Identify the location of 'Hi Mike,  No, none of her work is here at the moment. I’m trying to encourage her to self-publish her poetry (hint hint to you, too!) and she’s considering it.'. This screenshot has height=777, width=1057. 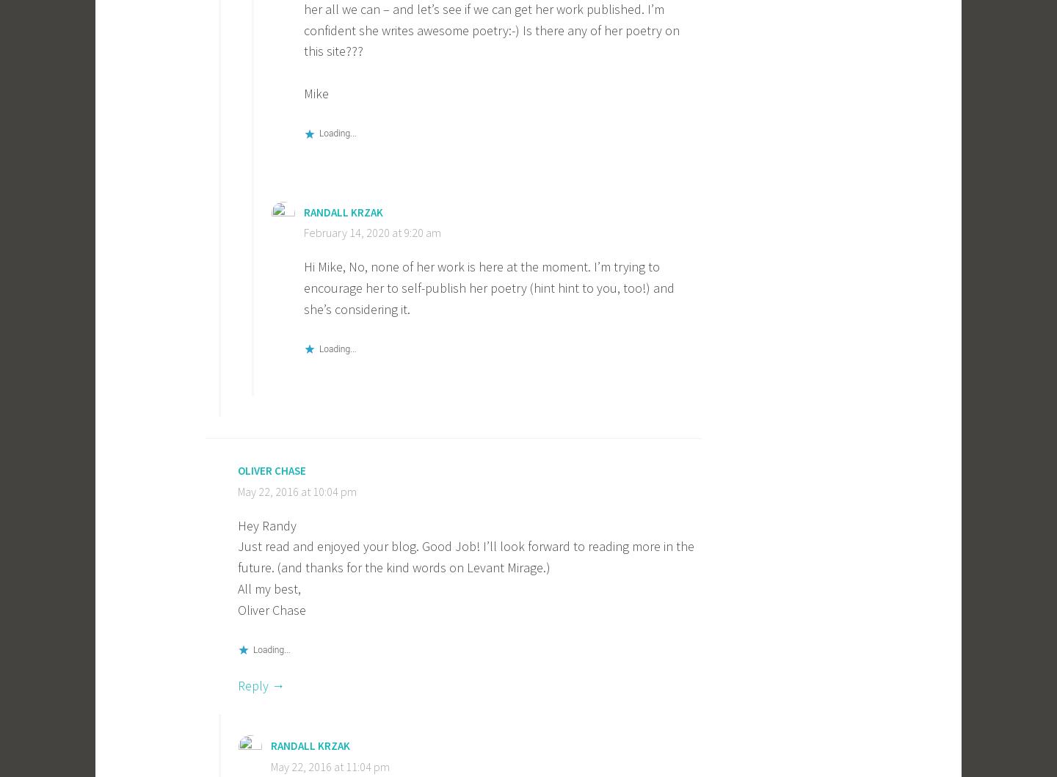
(489, 287).